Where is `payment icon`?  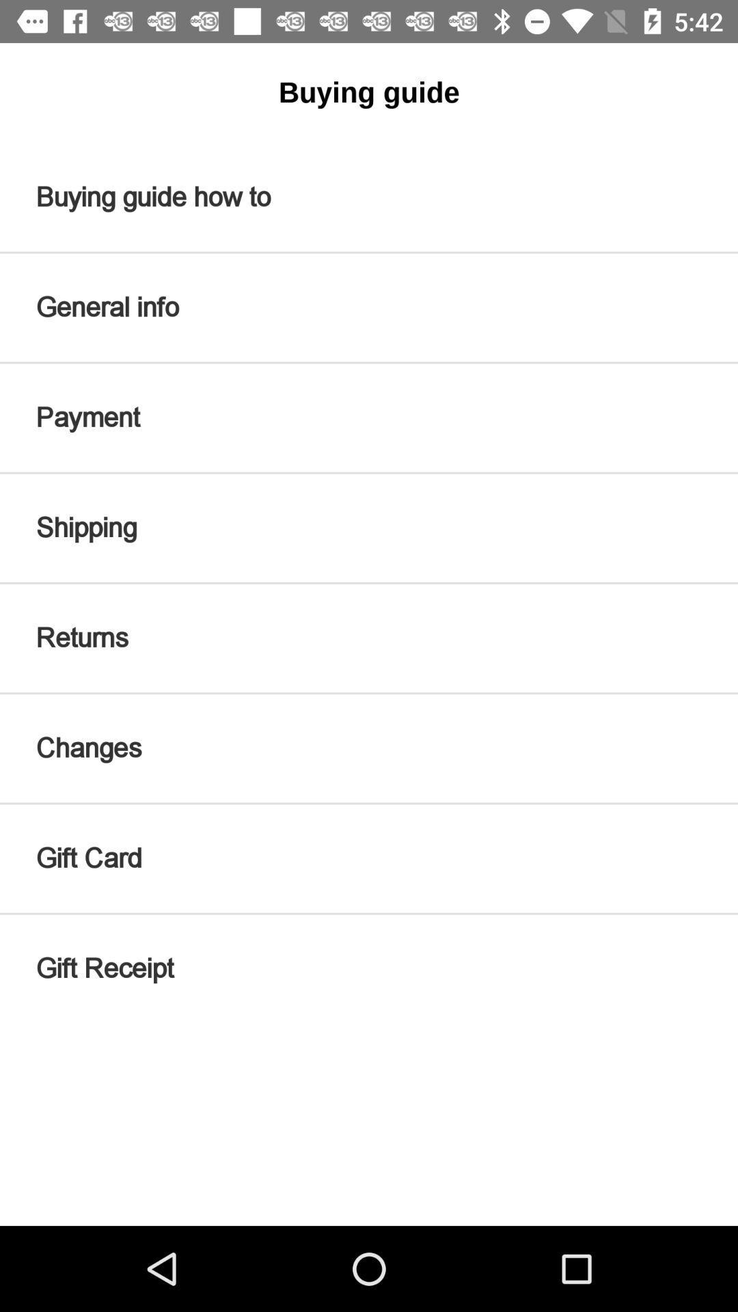 payment icon is located at coordinates (369, 417).